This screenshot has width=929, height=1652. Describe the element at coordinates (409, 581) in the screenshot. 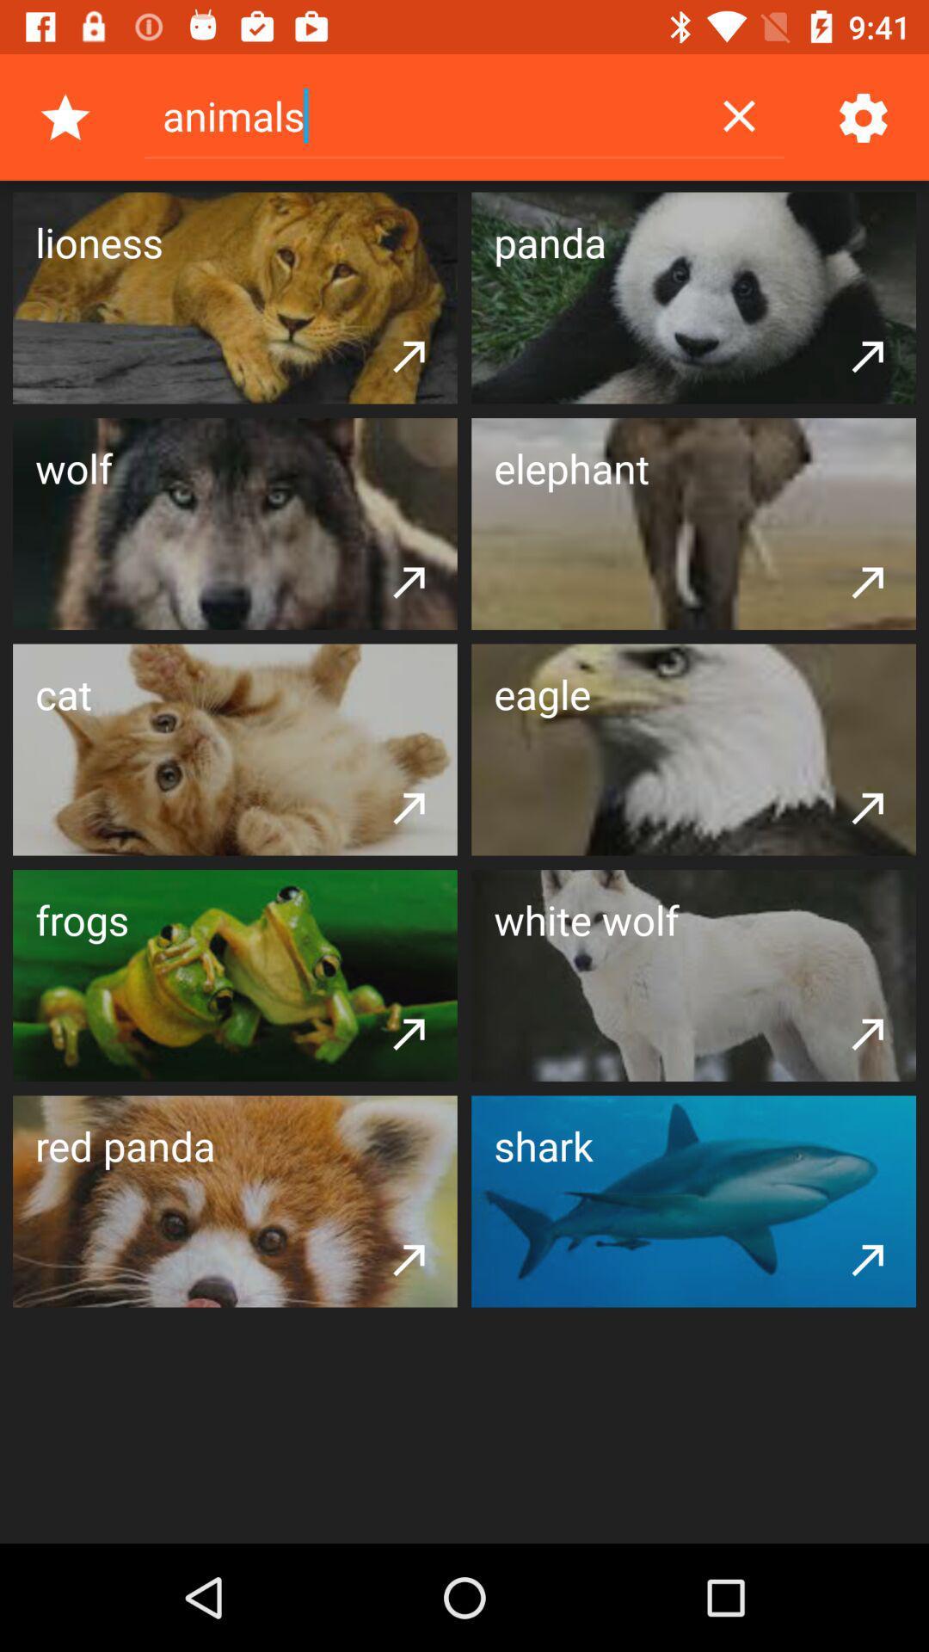

I see `item below the wolf item` at that location.